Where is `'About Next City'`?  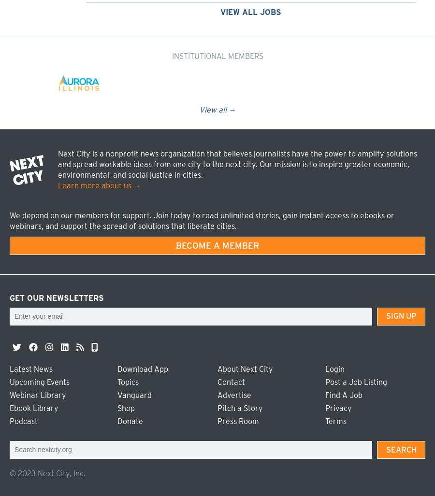 'About Next City' is located at coordinates (245, 368).